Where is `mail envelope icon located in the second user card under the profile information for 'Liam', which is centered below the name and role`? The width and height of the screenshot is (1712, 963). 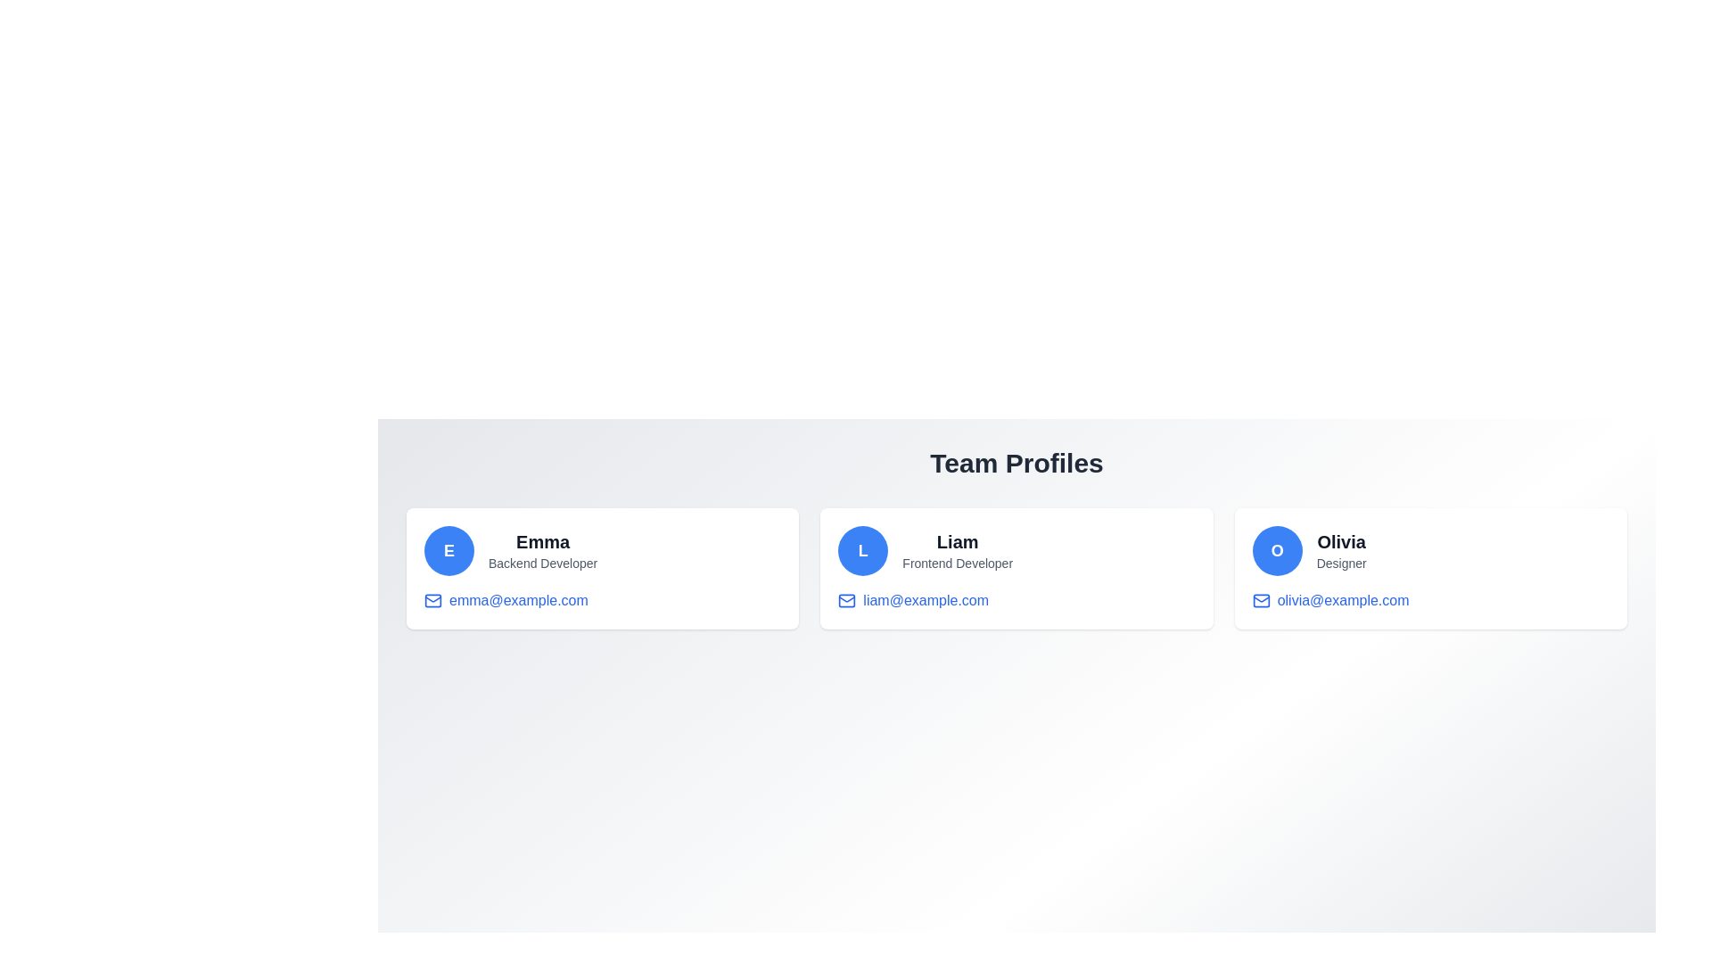
mail envelope icon located in the second user card under the profile information for 'Liam', which is centered below the name and role is located at coordinates (846, 601).